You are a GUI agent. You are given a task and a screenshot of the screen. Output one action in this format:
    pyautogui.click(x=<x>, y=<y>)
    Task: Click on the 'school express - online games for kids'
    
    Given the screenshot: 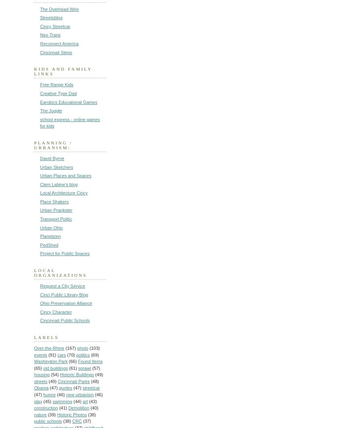 What is the action you would take?
    pyautogui.click(x=69, y=122)
    